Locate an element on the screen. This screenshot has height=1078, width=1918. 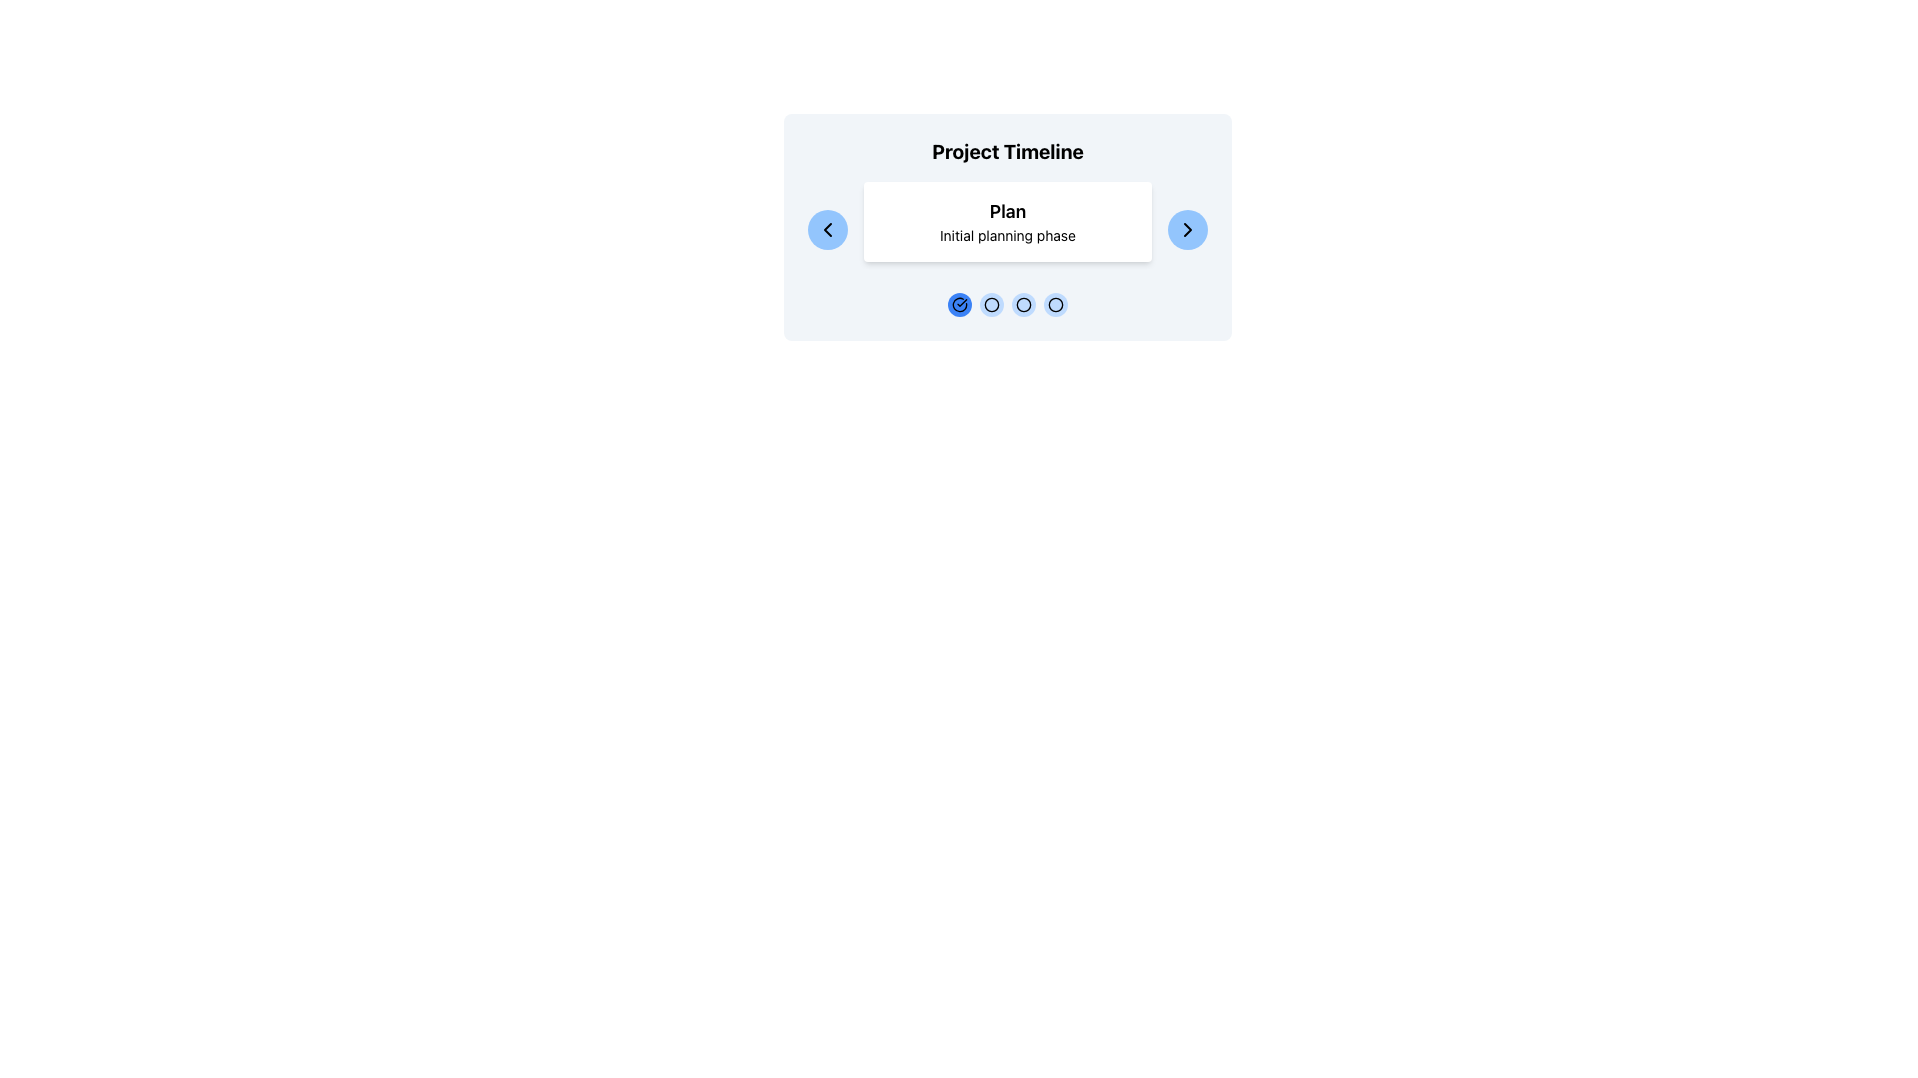
the button located on the left side of the navigation interface is located at coordinates (828, 229).